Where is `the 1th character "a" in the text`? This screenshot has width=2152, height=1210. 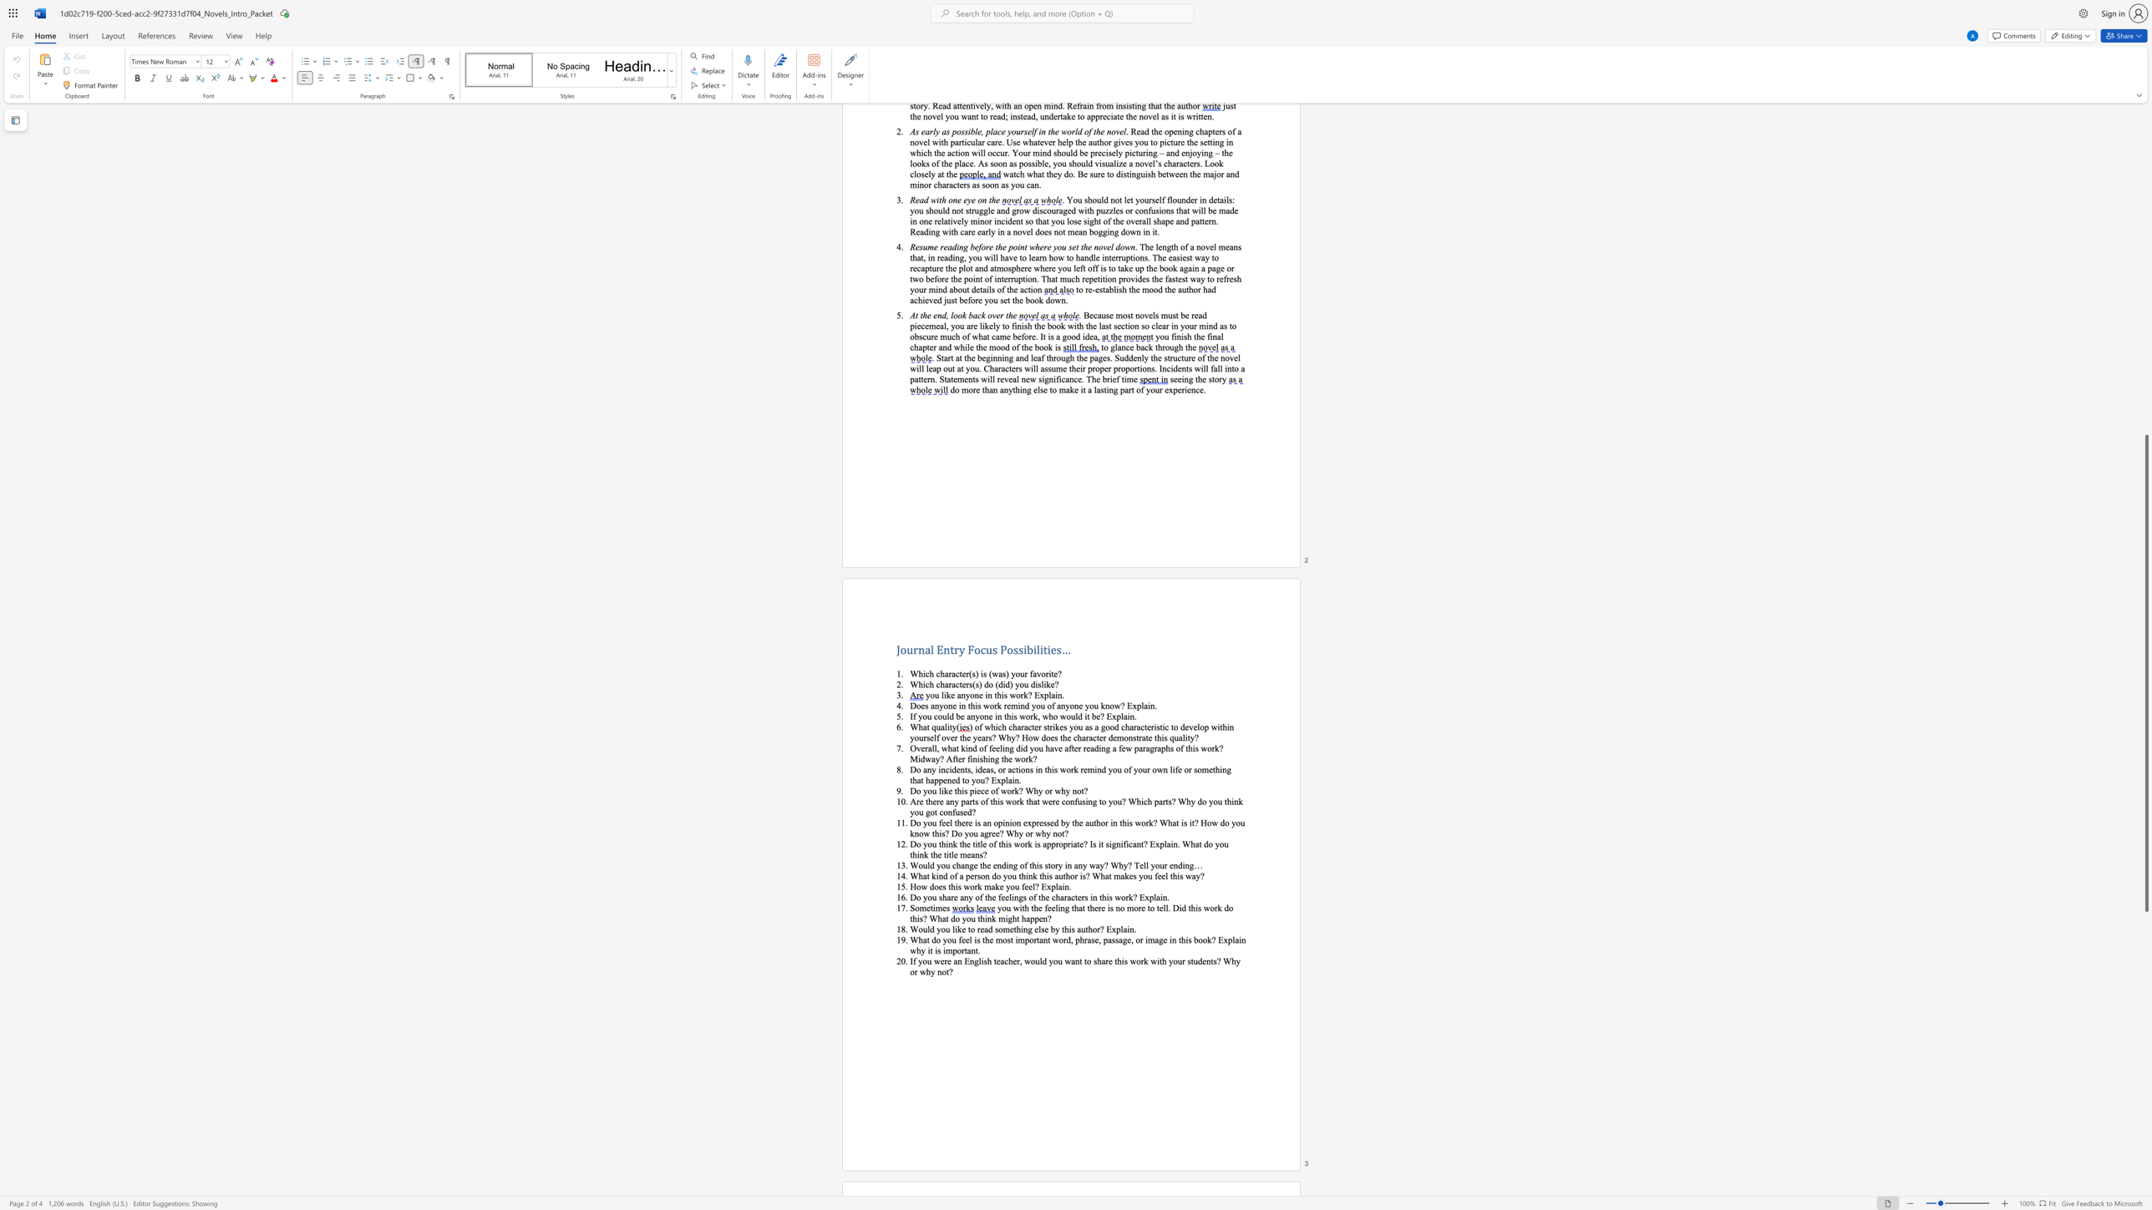 the 1th character "a" in the text is located at coordinates (947, 896).